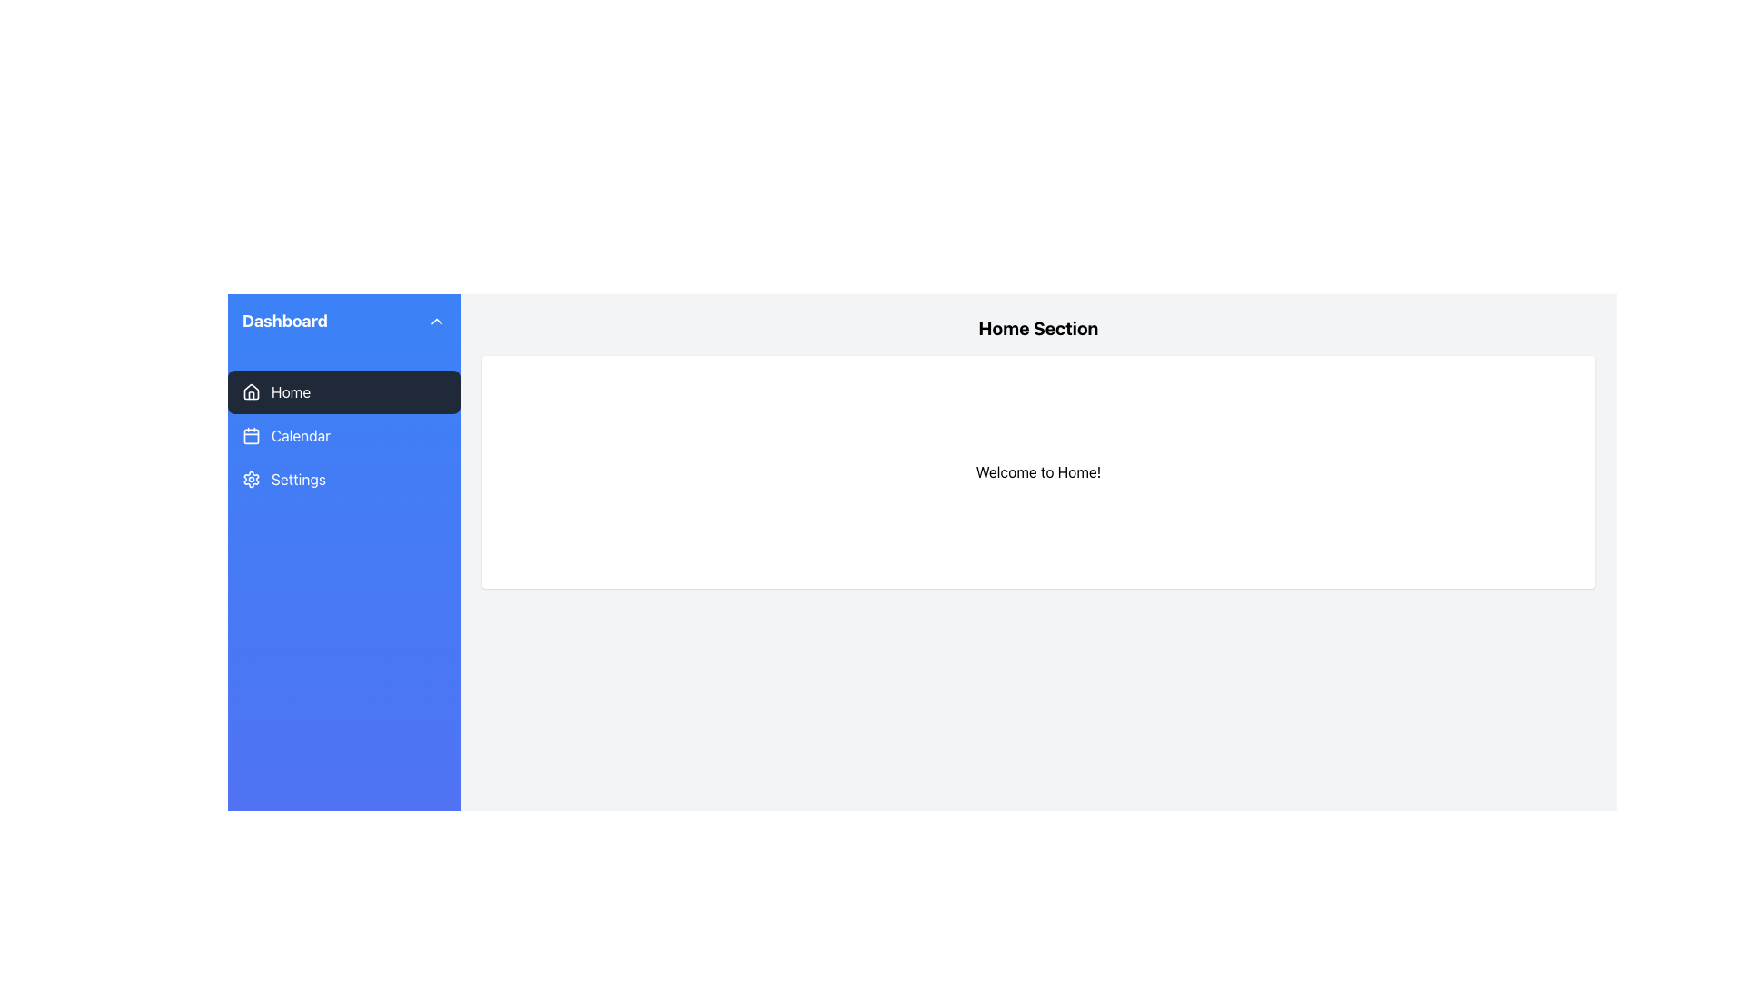 The height and width of the screenshot is (981, 1744). I want to click on the calendar icon, which is a white-filled icon with a blue background located in the left sidebar beneath the 'Dashboard' title, so click(251, 435).